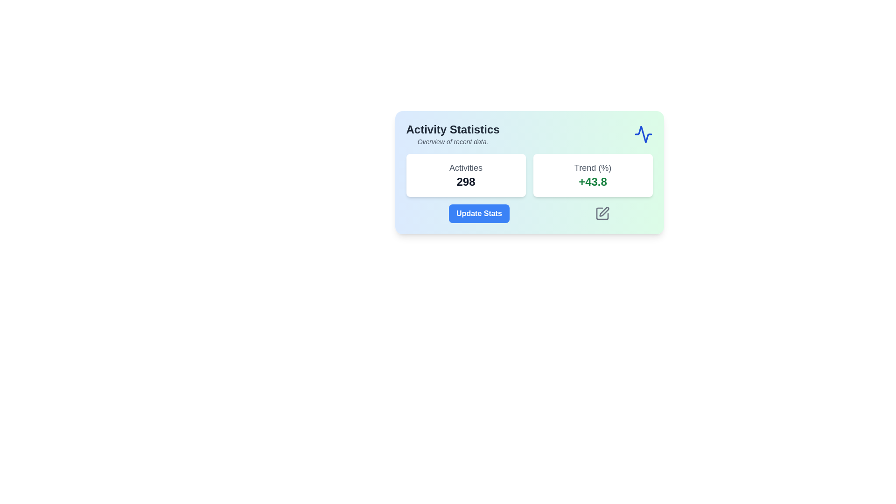  What do you see at coordinates (604, 212) in the screenshot?
I see `the icon representing a pen located in the bottom right corner of the card component for editing or modifying data` at bounding box center [604, 212].